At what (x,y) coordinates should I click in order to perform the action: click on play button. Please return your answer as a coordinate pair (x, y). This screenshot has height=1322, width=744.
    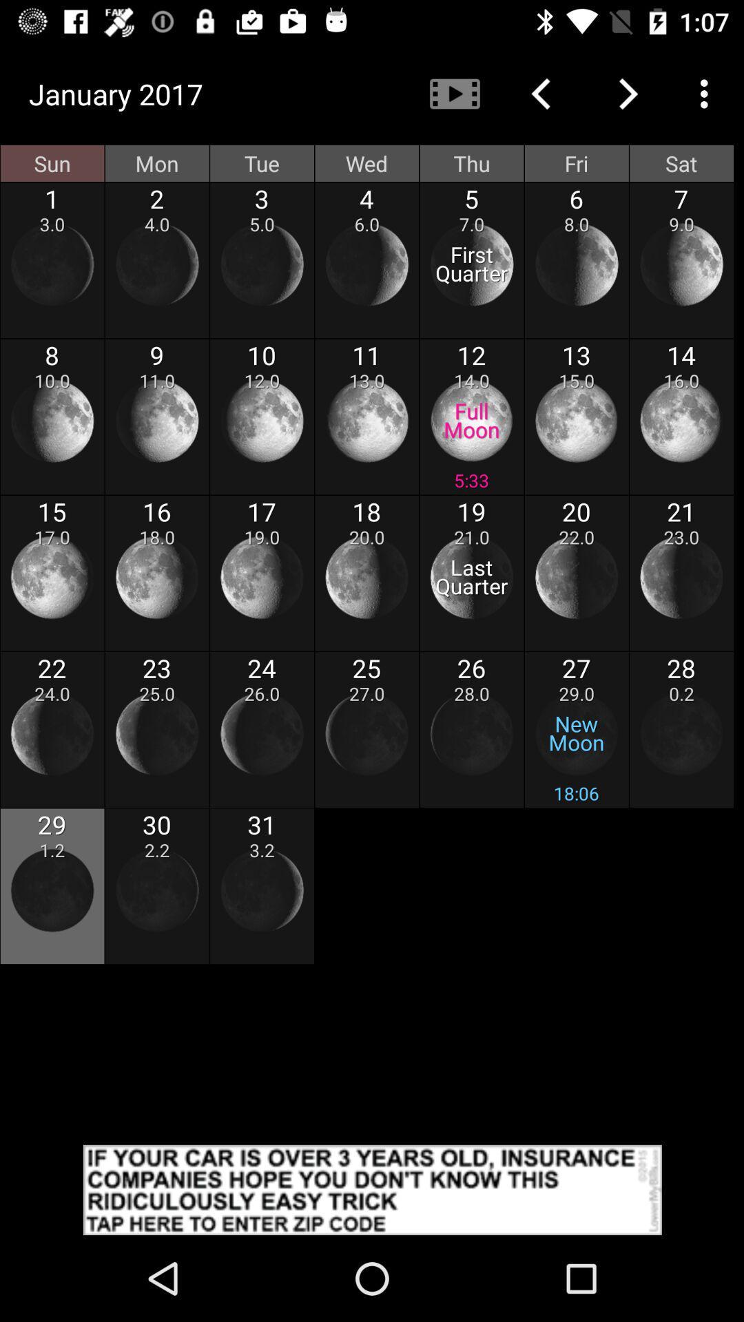
    Looking at the image, I should click on (372, 1189).